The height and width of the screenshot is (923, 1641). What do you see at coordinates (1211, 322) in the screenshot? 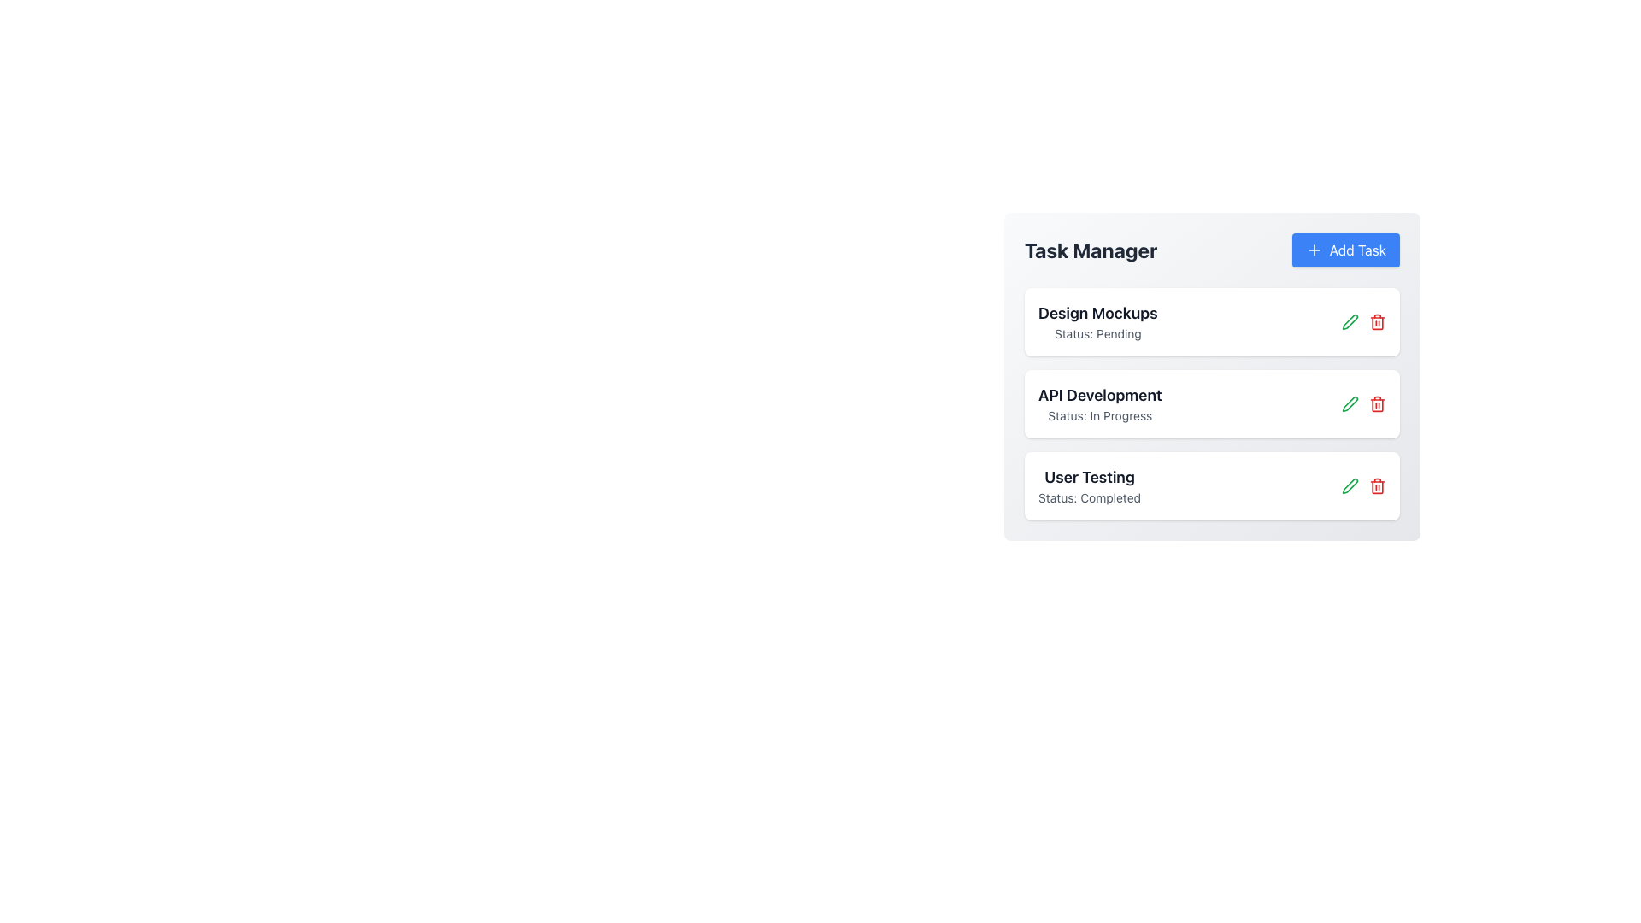
I see `the 'Design Mockups' task entry in the Task Manager` at bounding box center [1211, 322].